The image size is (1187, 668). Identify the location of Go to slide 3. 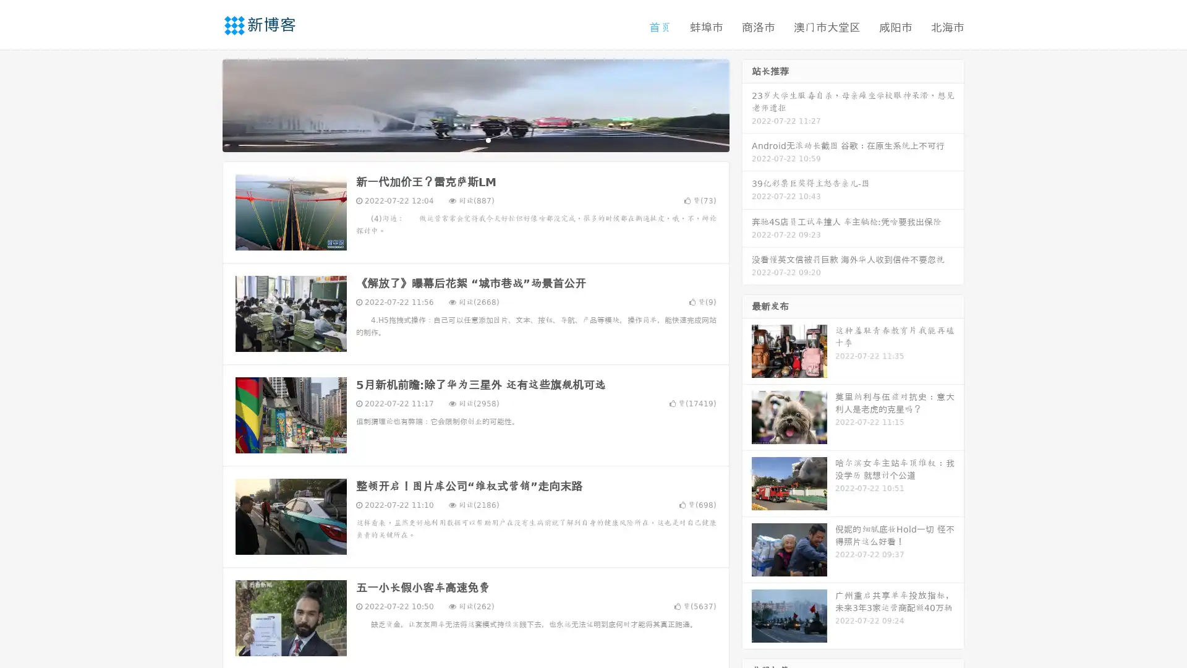
(488, 139).